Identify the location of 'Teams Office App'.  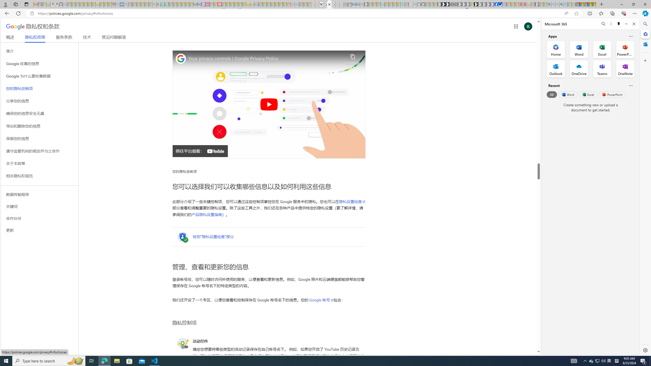
(602, 69).